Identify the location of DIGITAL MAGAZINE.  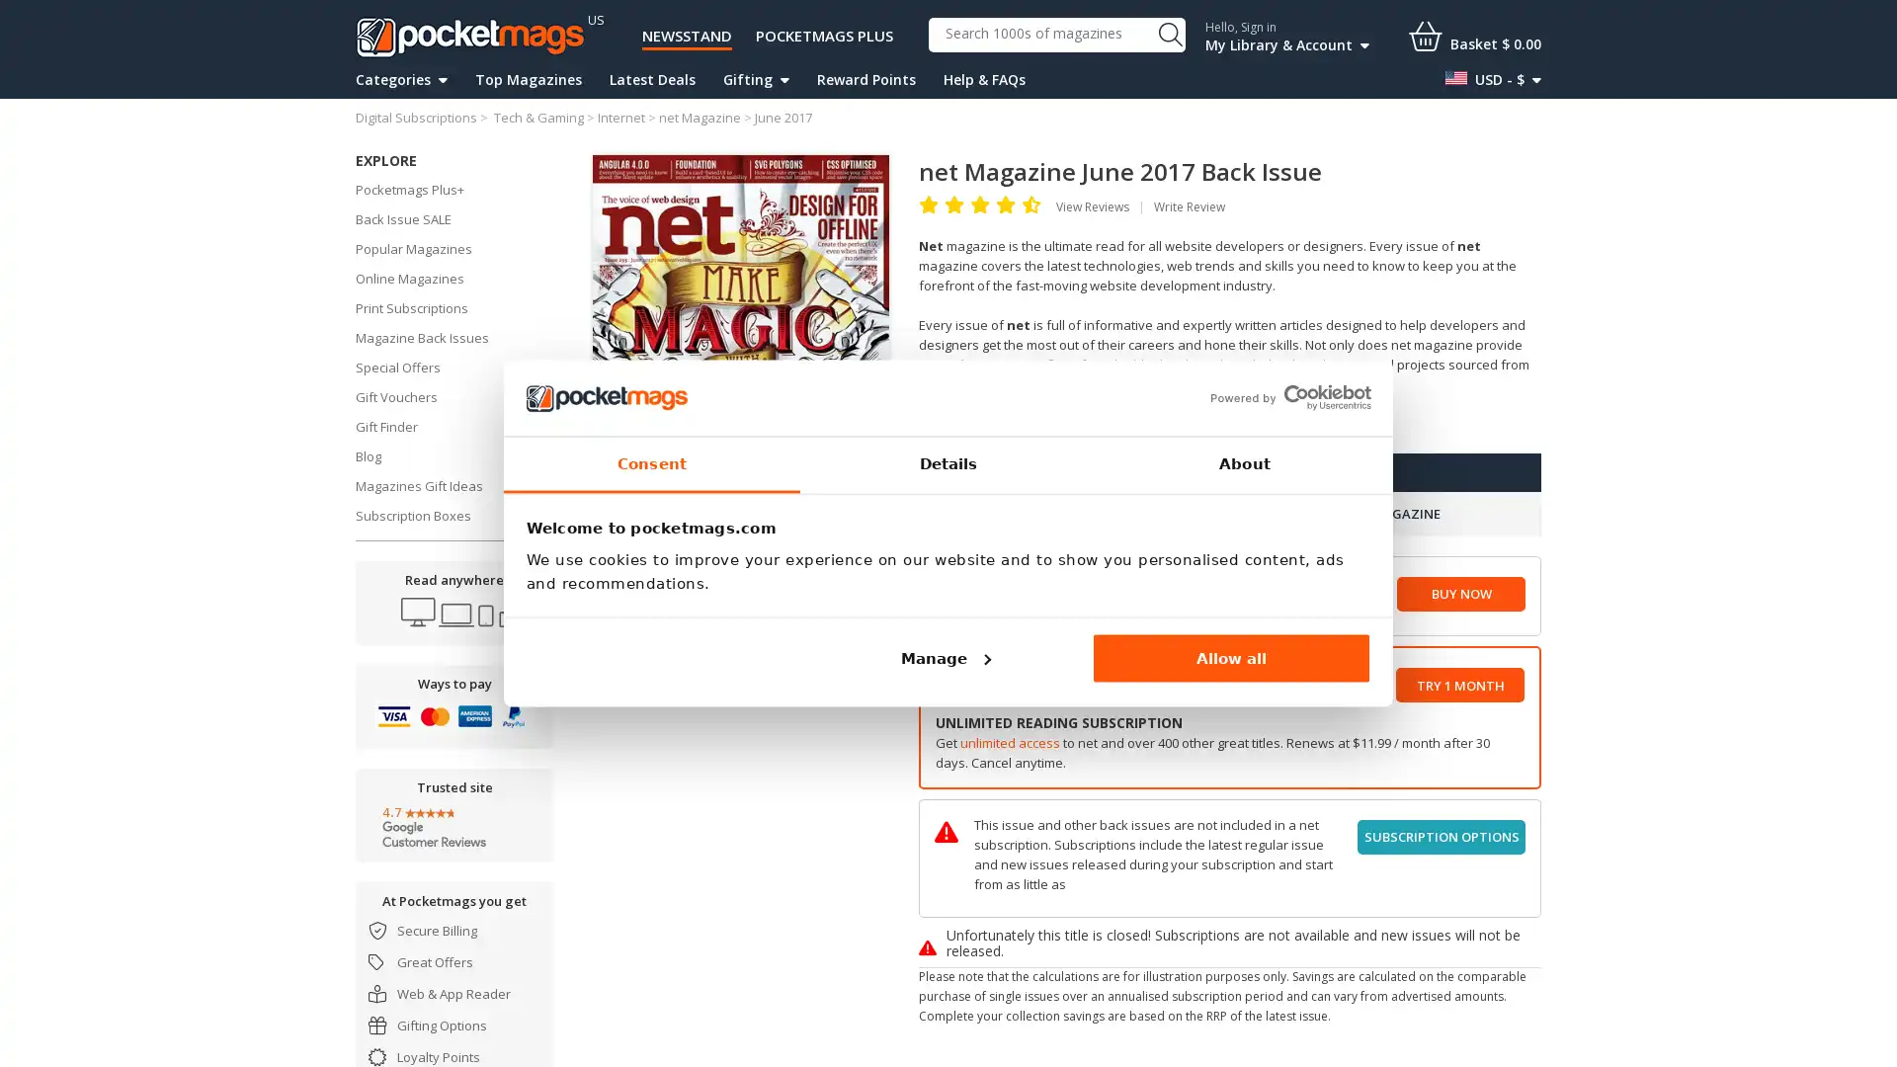
(1073, 513).